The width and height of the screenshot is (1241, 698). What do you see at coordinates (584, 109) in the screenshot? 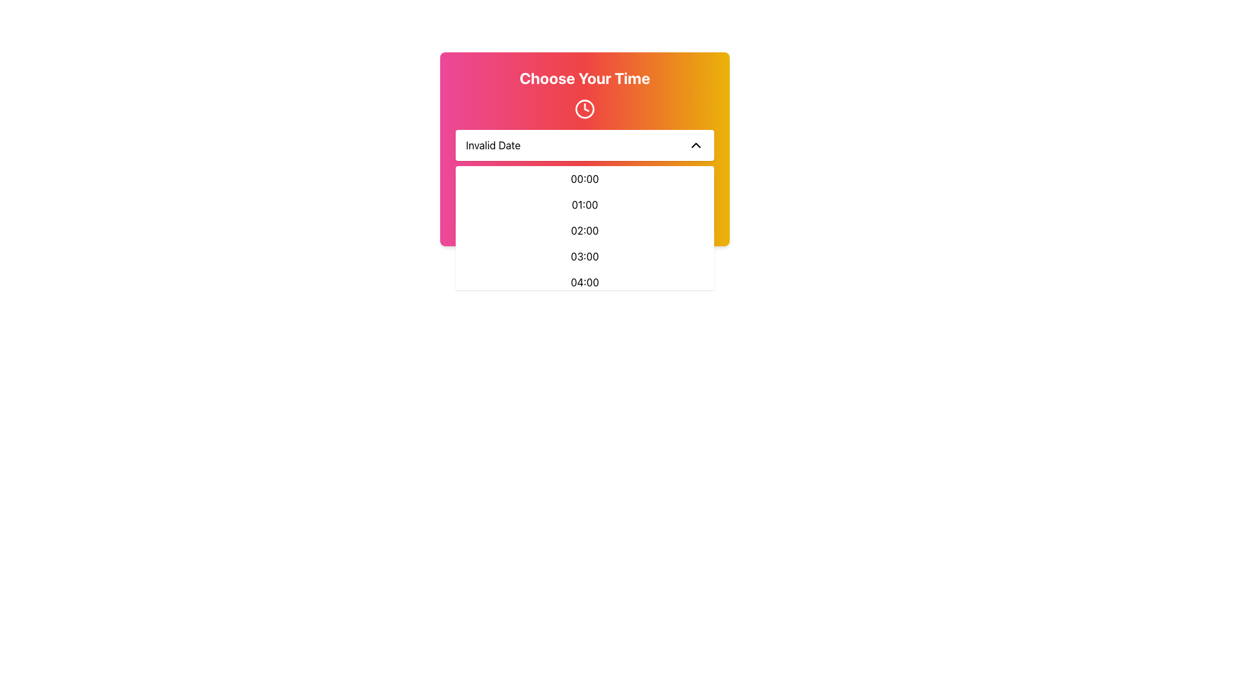
I see `the clock icon, which is a circular element with a modern line design and located centrally below the 'Choose Your Time' text` at bounding box center [584, 109].